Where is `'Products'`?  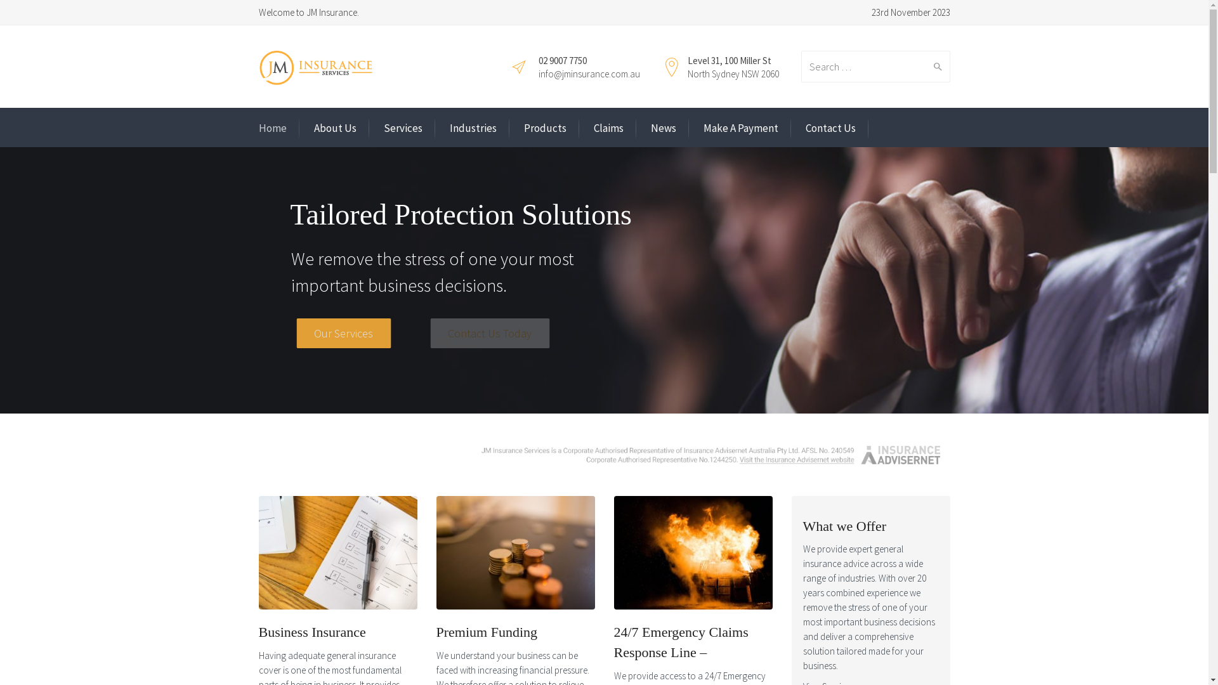
'Products' is located at coordinates (545, 128).